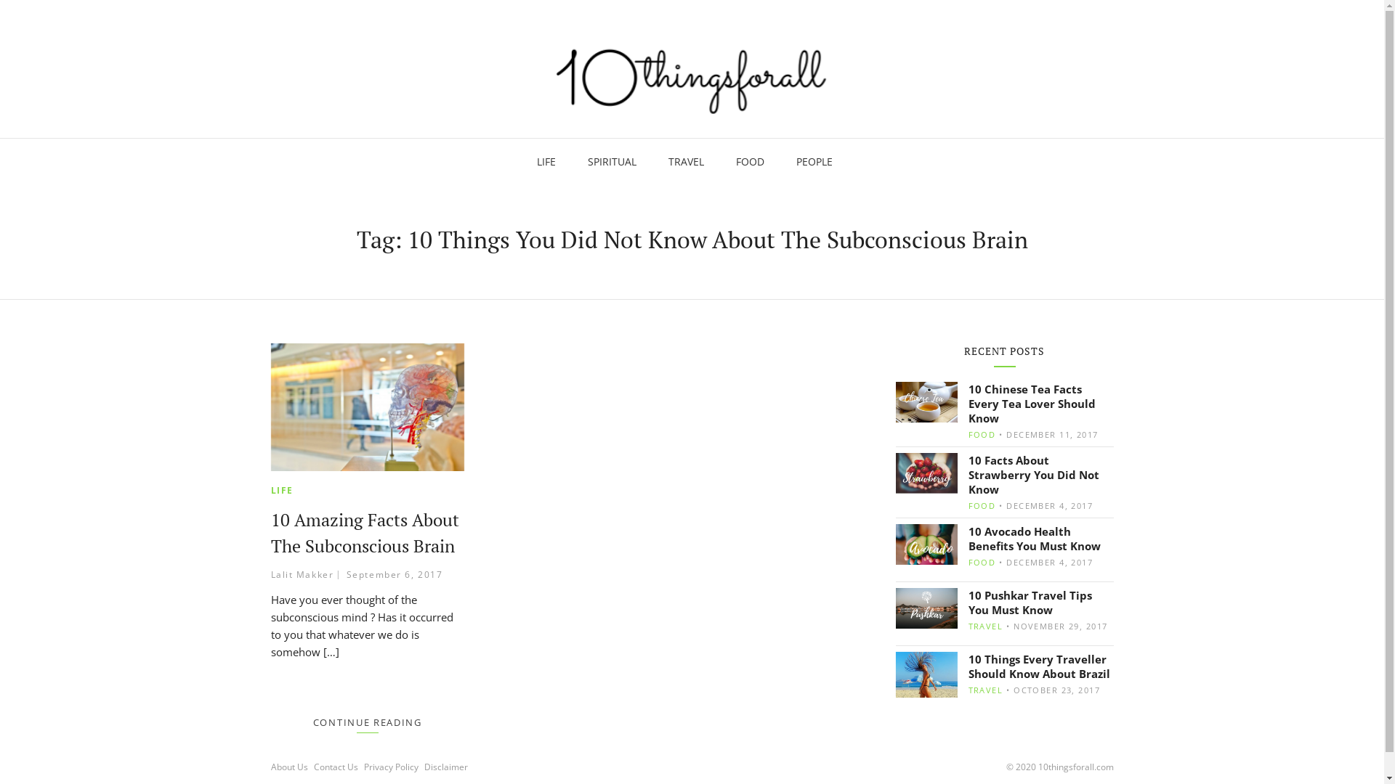 This screenshot has height=784, width=1395. Describe the element at coordinates (392, 766) in the screenshot. I see `'Privacy Policy'` at that location.